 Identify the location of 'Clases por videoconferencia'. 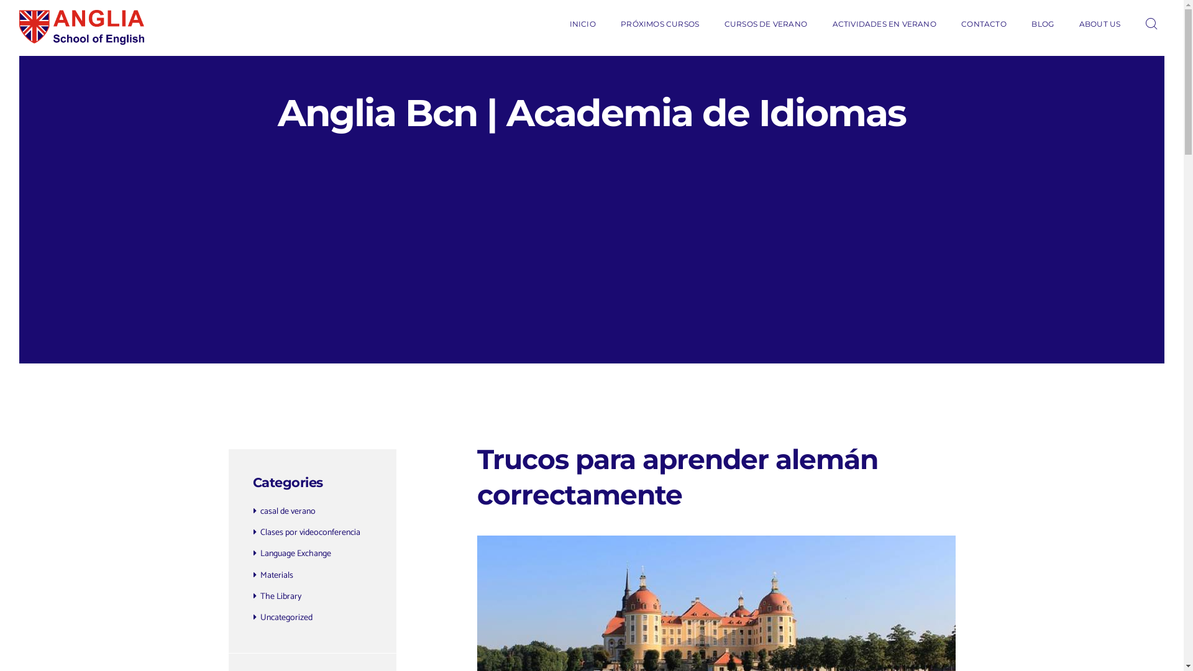
(310, 532).